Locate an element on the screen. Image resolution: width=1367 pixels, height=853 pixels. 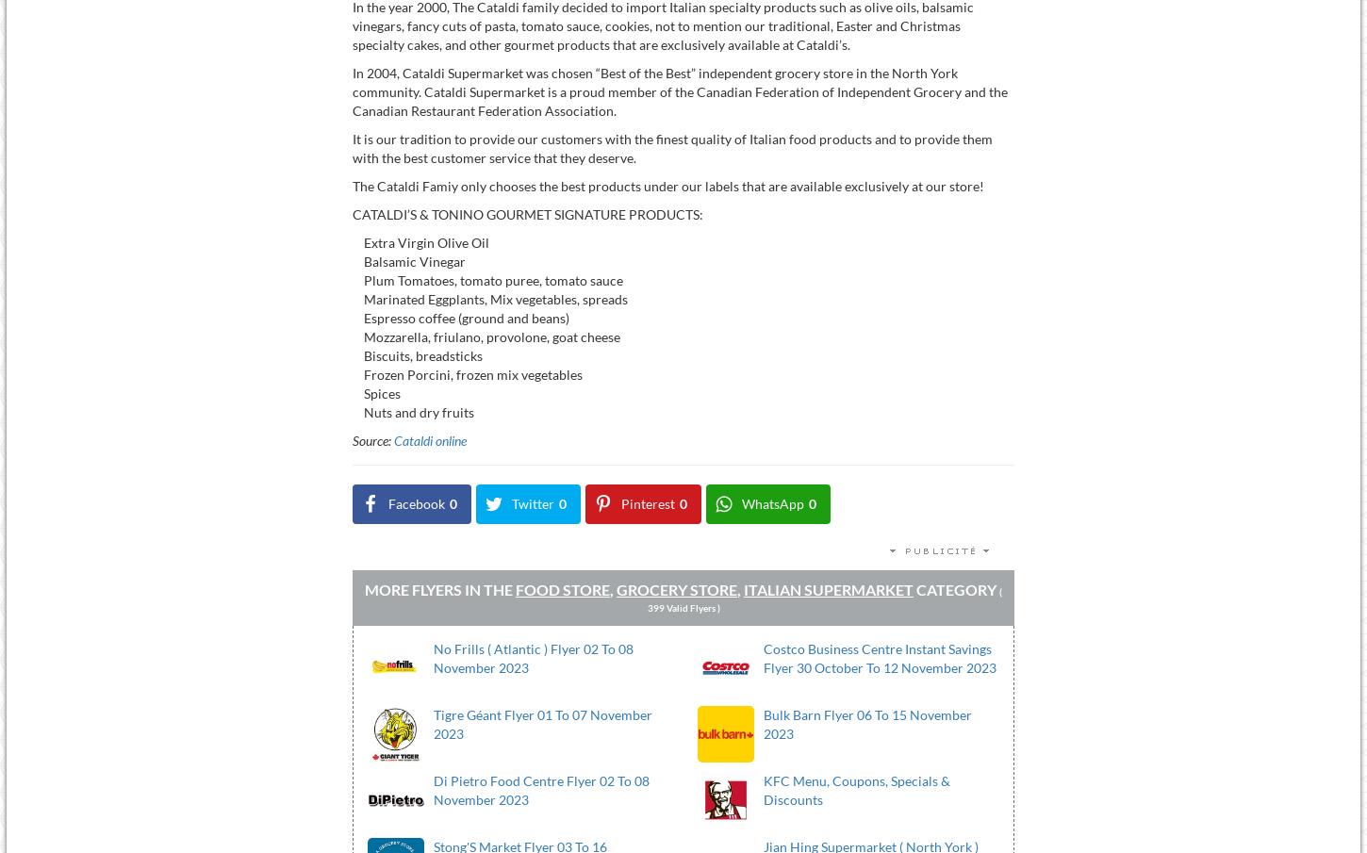
'It is our tradition to provide our customers with the finest quality of Italian food products and to provide them with the best customer service that they deserve.' is located at coordinates (350, 147).